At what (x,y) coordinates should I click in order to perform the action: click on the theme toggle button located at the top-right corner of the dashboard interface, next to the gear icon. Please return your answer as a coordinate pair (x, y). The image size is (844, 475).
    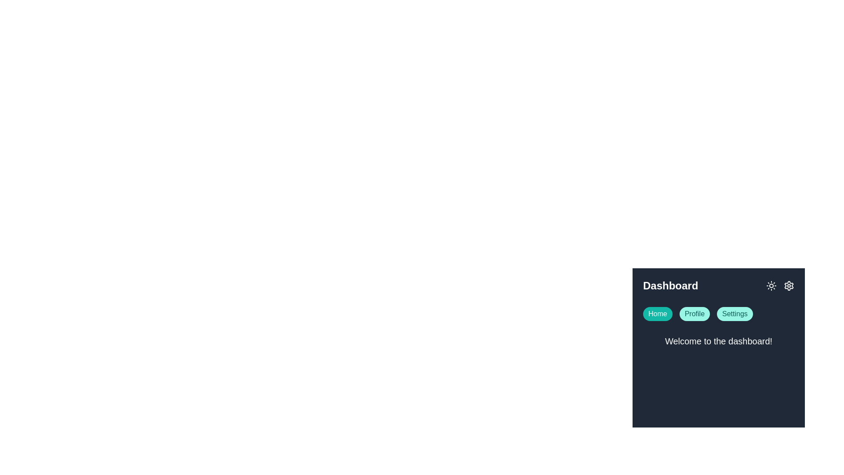
    Looking at the image, I should click on (771, 286).